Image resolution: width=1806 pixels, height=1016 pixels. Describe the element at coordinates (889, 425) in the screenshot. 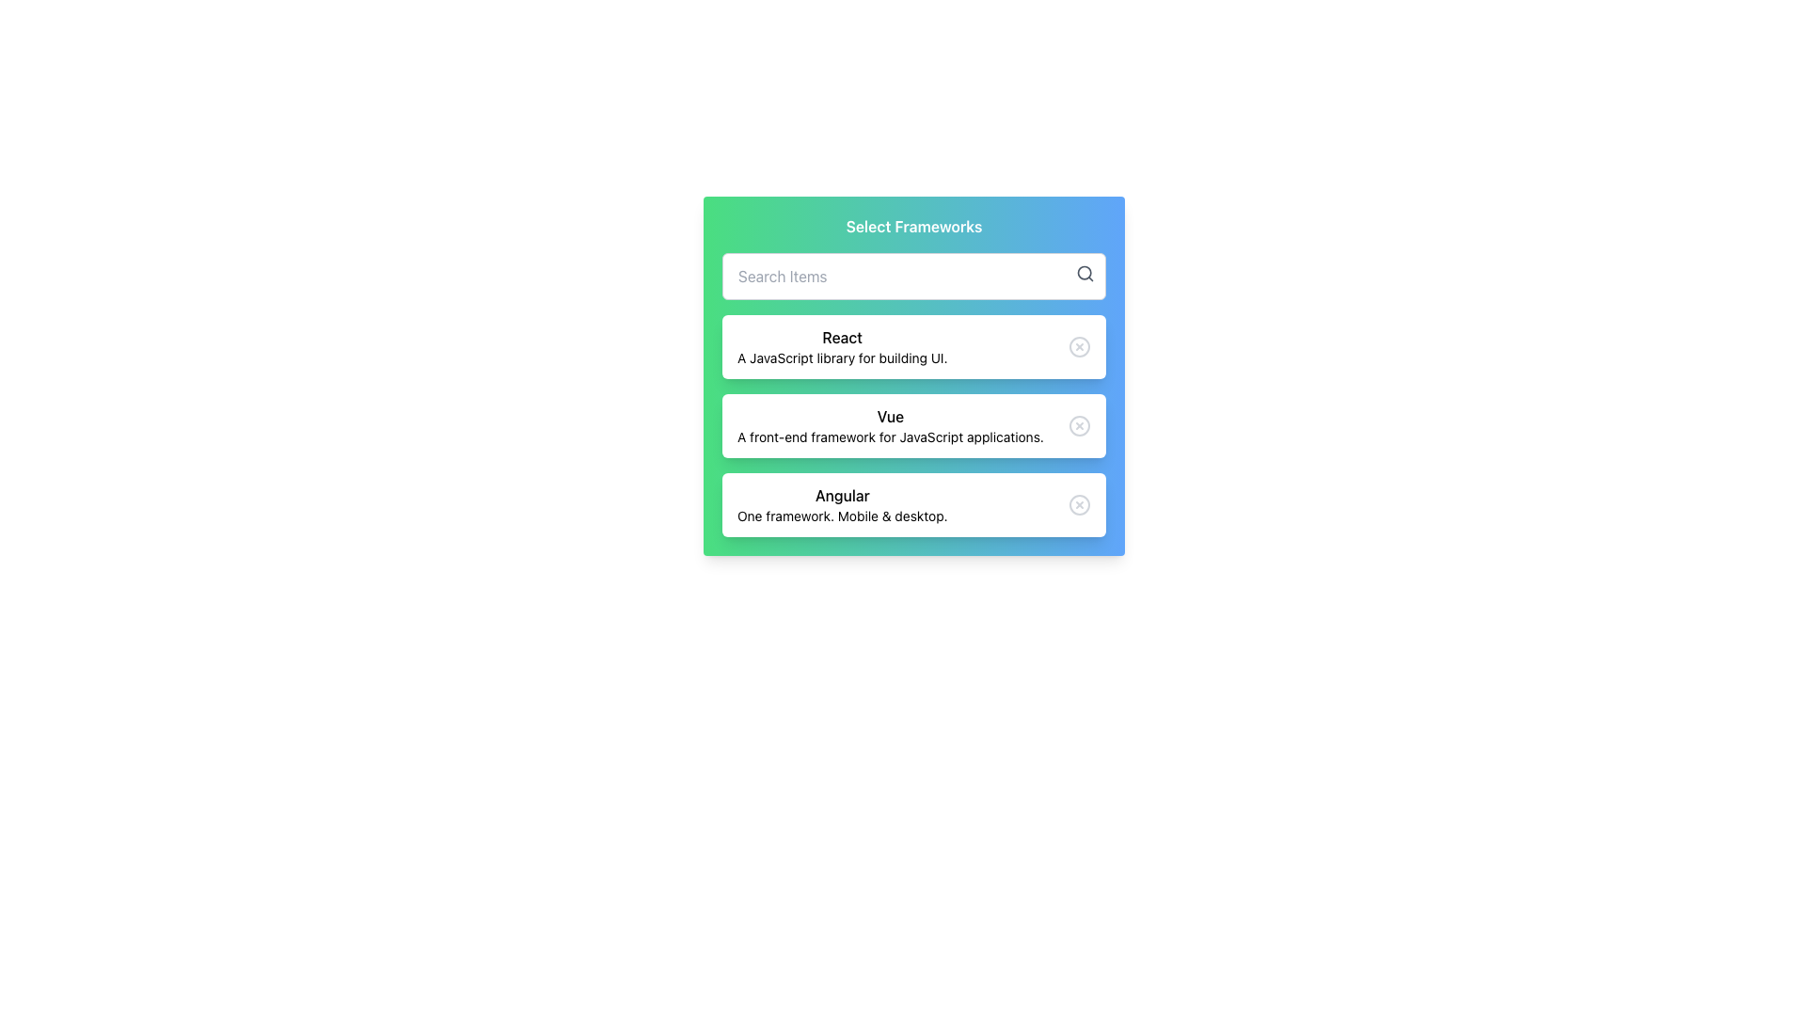

I see `the second item` at that location.